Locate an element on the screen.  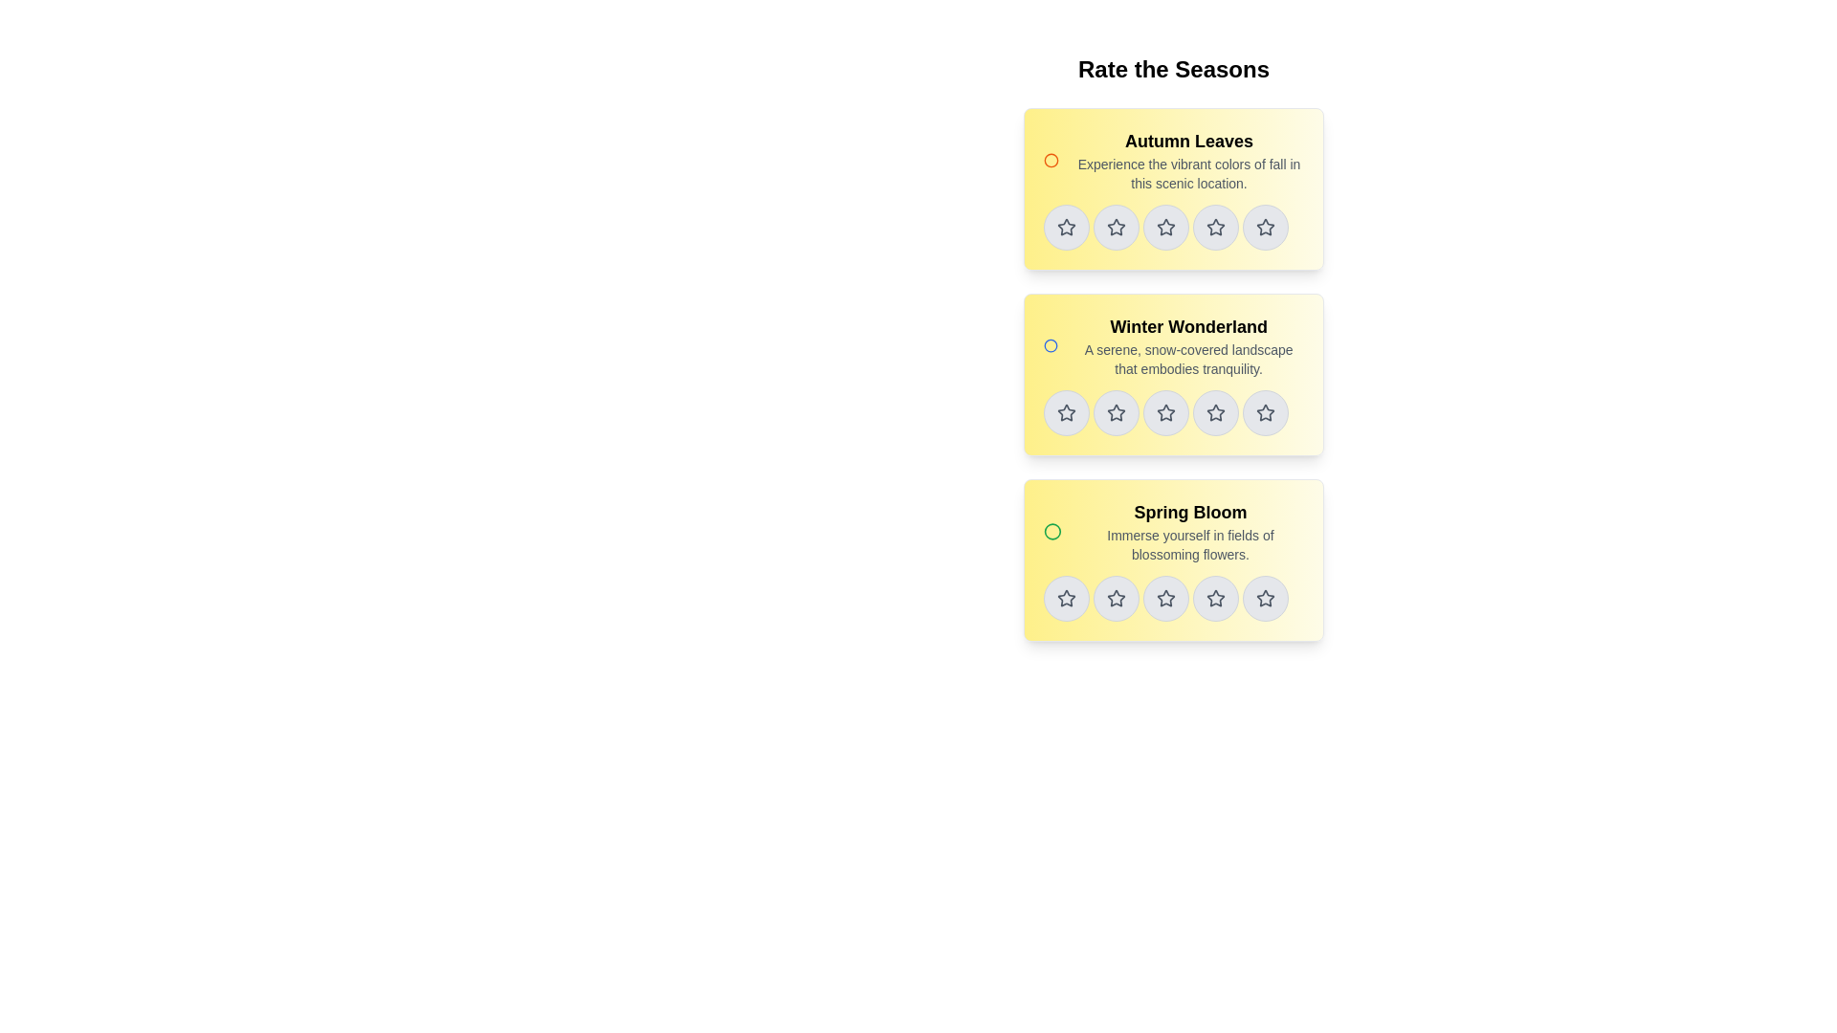
the fourth rating star icon for the 'Spring Bloom' section is located at coordinates (1215, 597).